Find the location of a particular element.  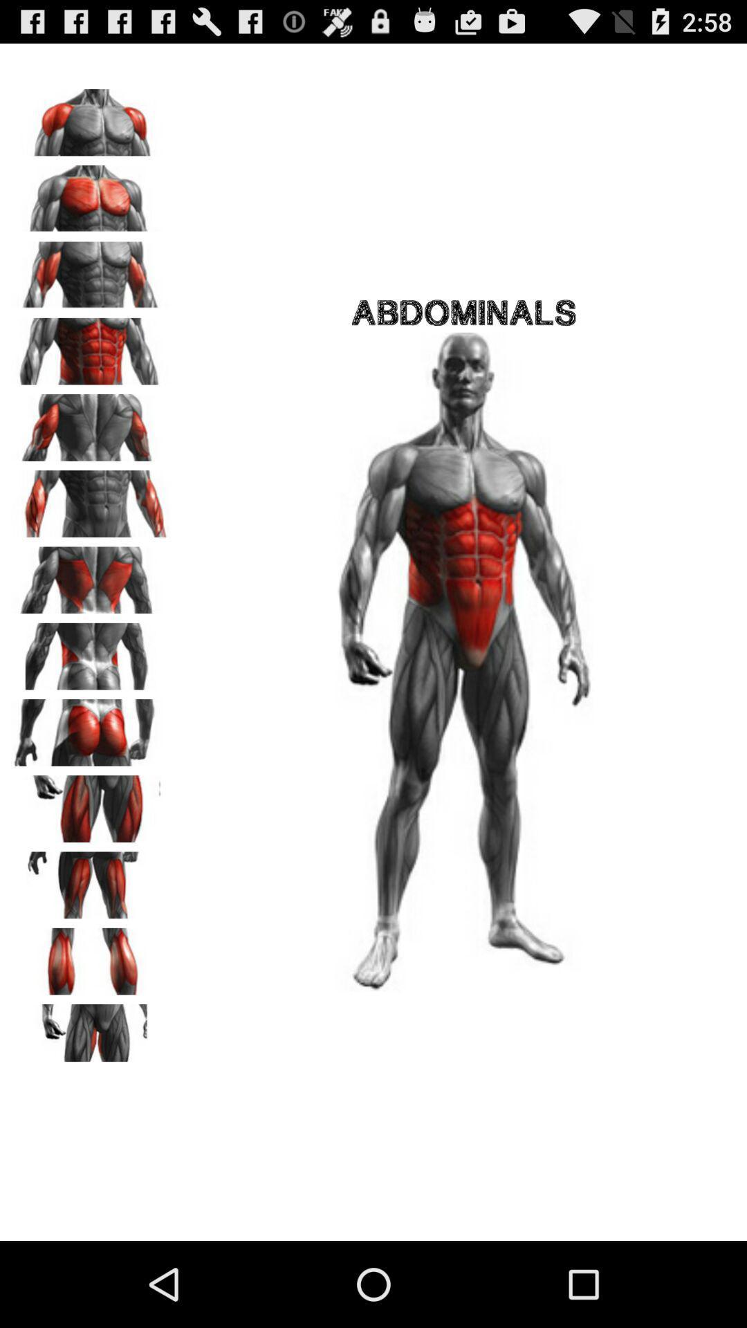

change the view is located at coordinates (91, 804).